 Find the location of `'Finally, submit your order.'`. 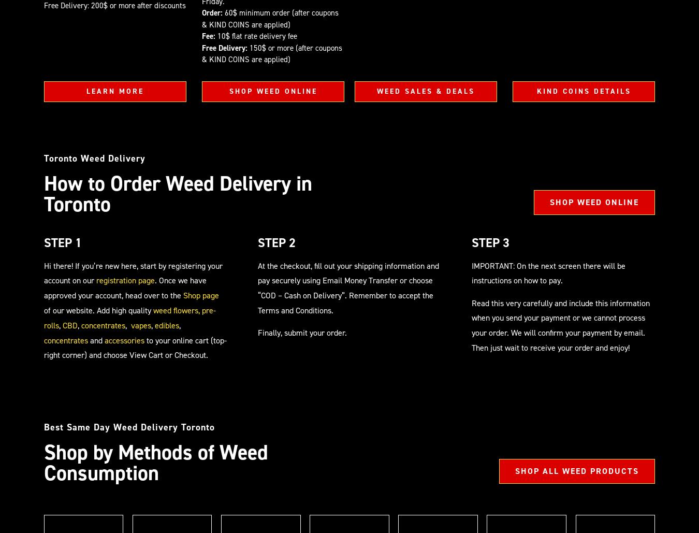

'Finally, submit your order.' is located at coordinates (302, 333).